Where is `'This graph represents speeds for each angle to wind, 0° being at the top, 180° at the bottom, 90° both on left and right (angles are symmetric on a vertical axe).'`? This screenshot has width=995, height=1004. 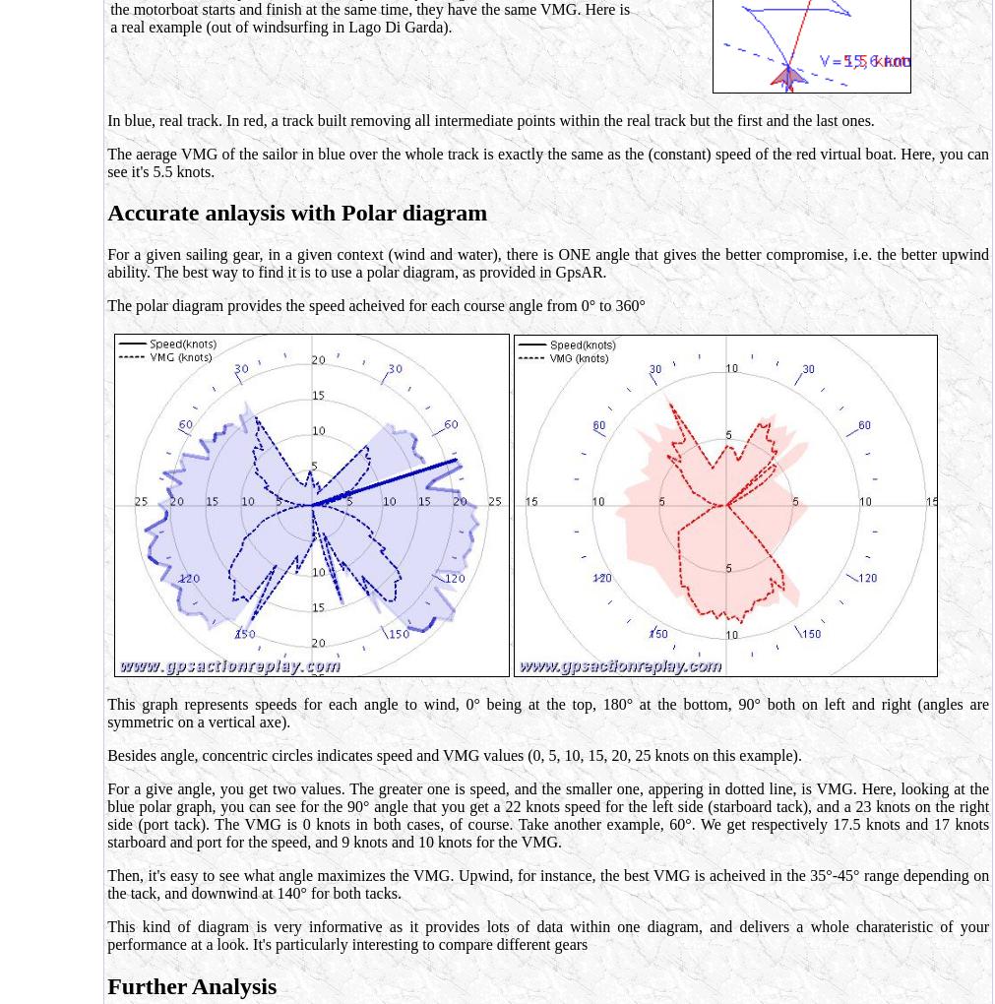 'This graph represents speeds for each angle to wind, 0° being at the top, 180° at the bottom, 90° both on left and right (angles are symmetric on a vertical axe).' is located at coordinates (547, 713).